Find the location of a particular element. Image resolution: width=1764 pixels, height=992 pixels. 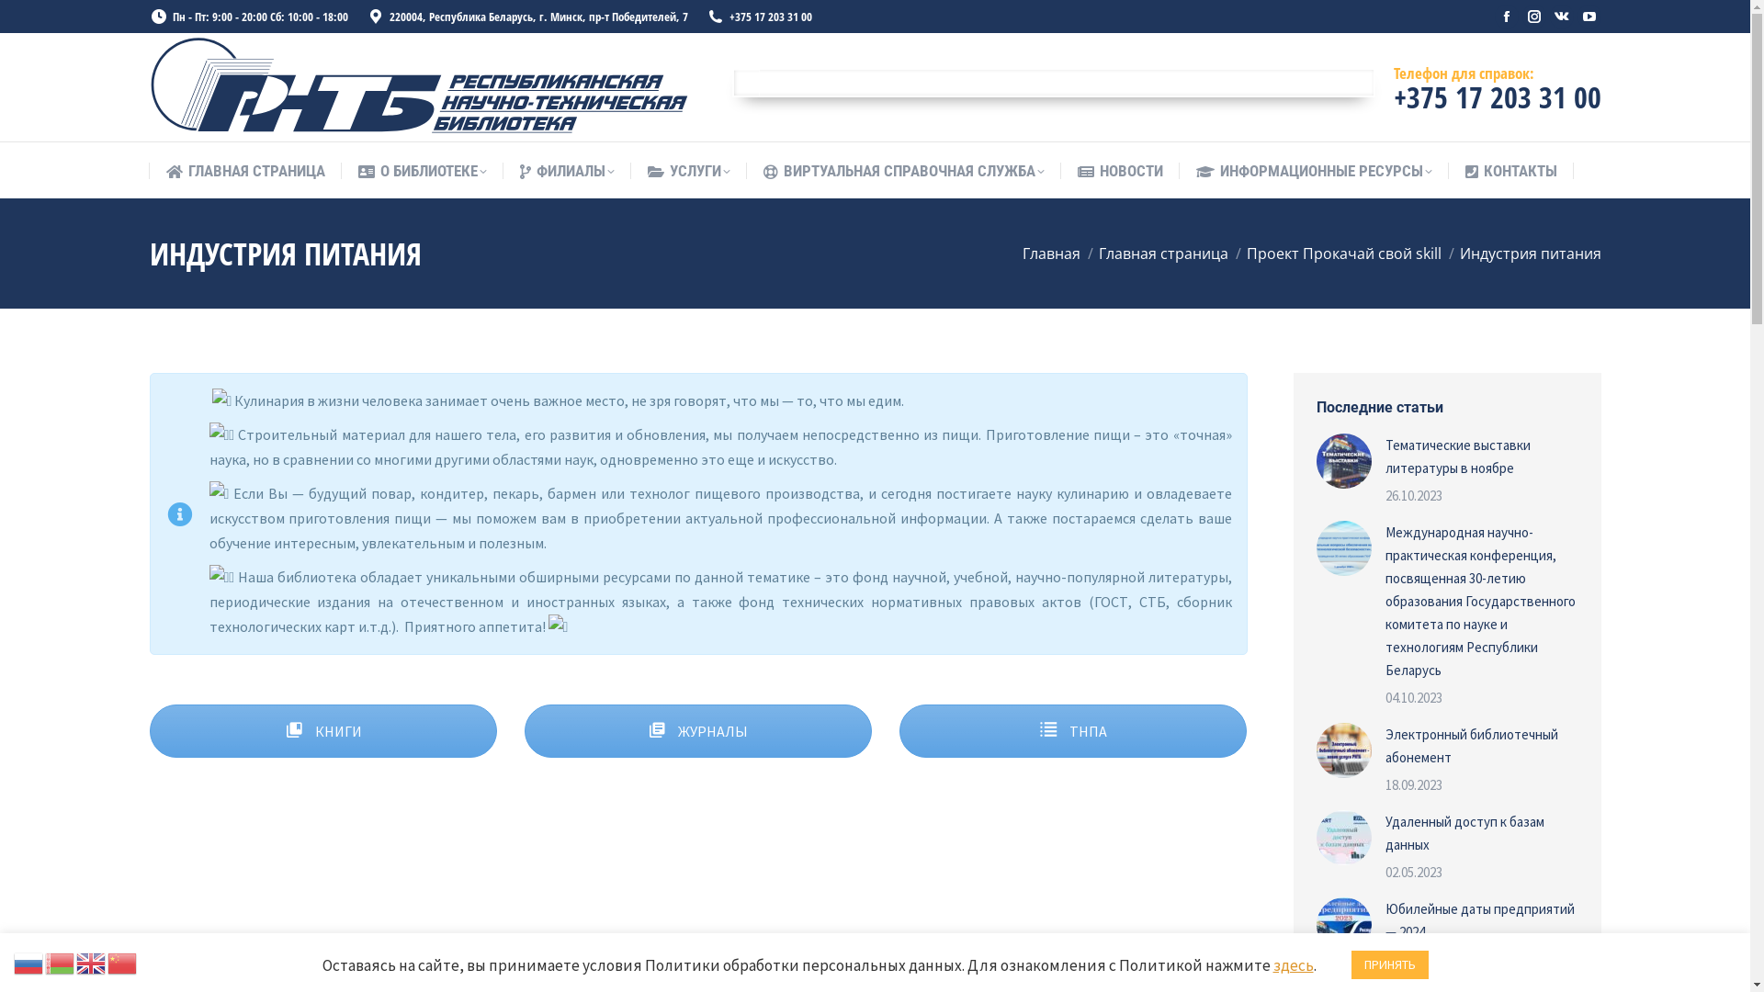

'YouTube page opens in new window' is located at coordinates (1587, 17).